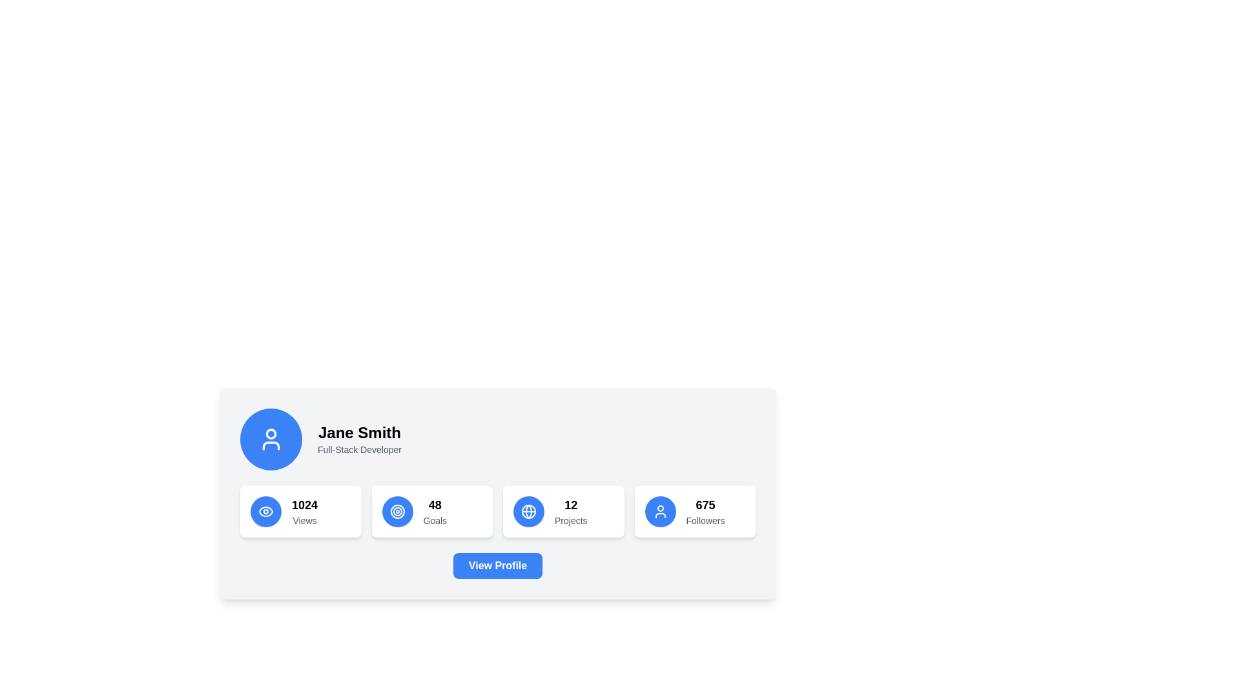  Describe the element at coordinates (705, 505) in the screenshot. I see `the bold text element displaying the number '675' in the 'Followers' stat section` at that location.